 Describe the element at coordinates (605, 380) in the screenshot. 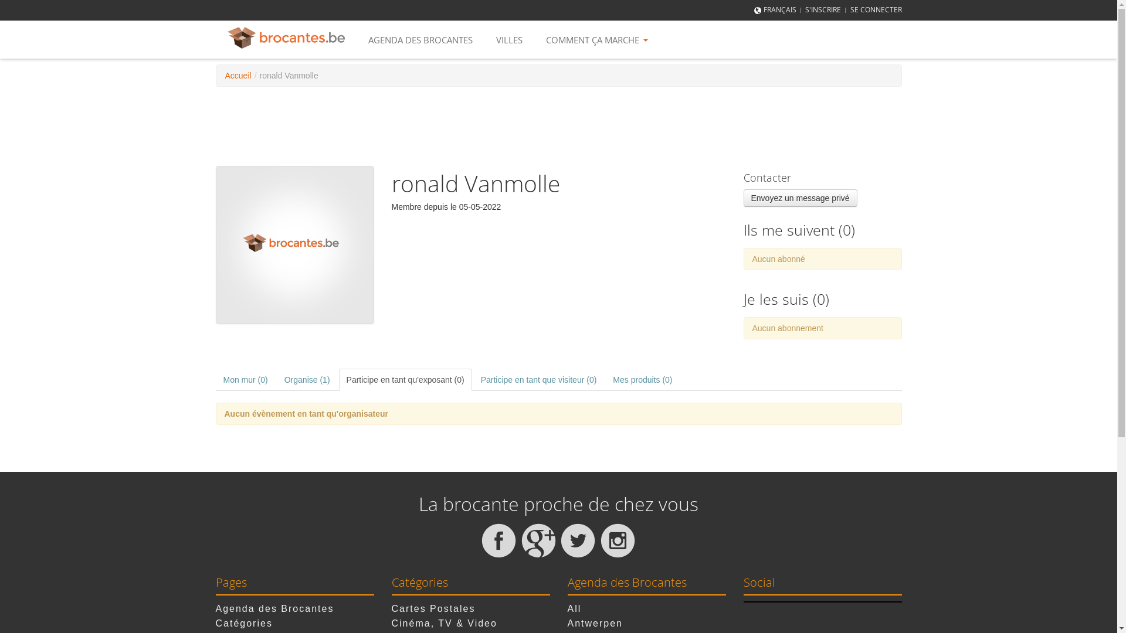

I see `'Mes produits (0)'` at that location.